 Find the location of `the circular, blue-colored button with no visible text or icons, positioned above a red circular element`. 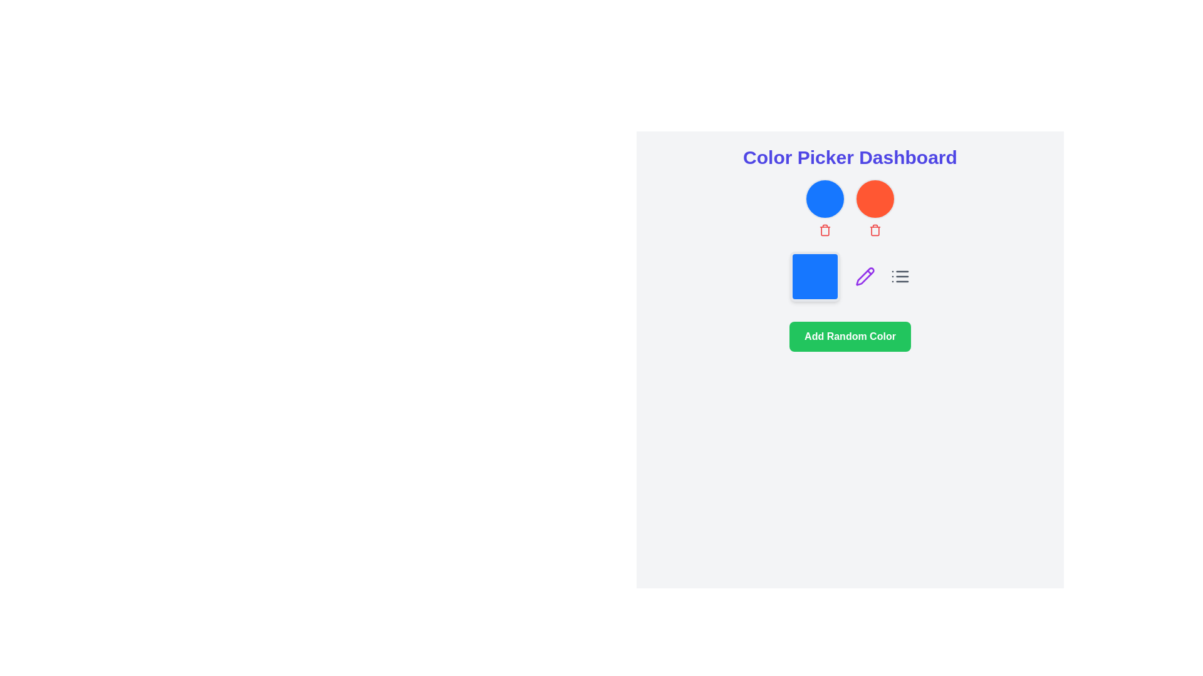

the circular, blue-colored button with no visible text or icons, positioned above a red circular element is located at coordinates (825, 198).